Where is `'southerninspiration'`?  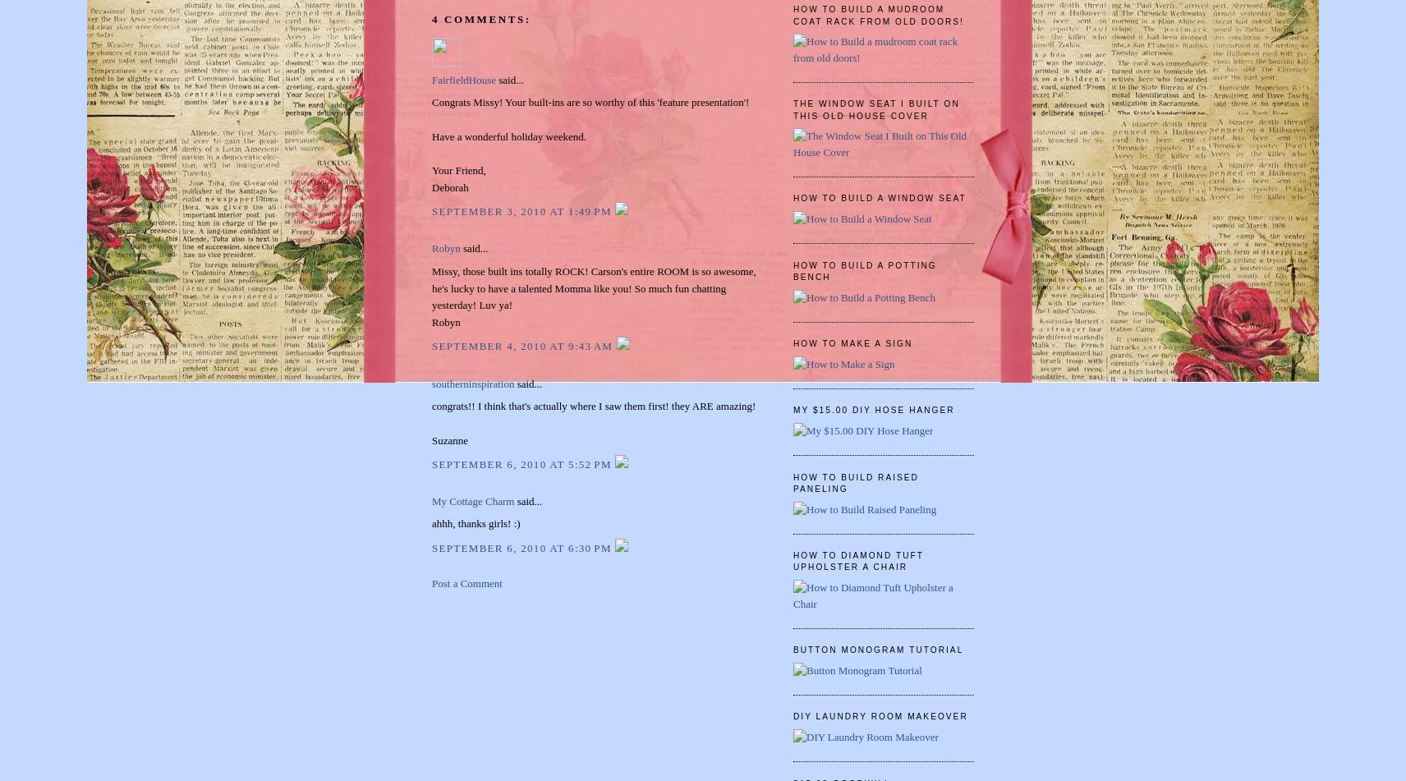
'southerninspiration' is located at coordinates (471, 383).